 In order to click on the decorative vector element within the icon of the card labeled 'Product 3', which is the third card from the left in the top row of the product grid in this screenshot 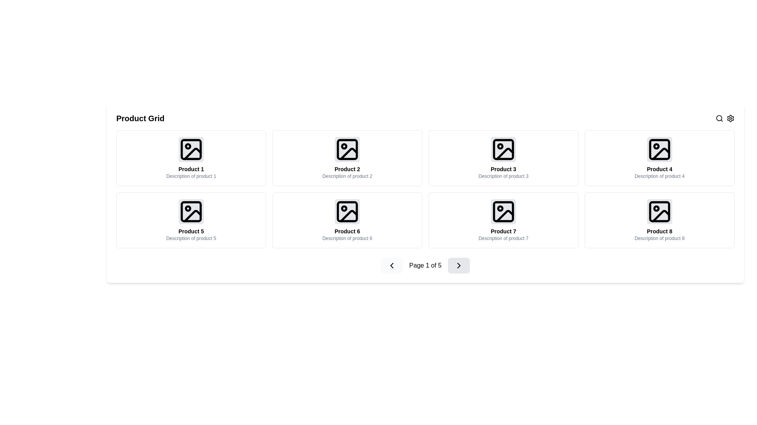, I will do `click(503, 150)`.